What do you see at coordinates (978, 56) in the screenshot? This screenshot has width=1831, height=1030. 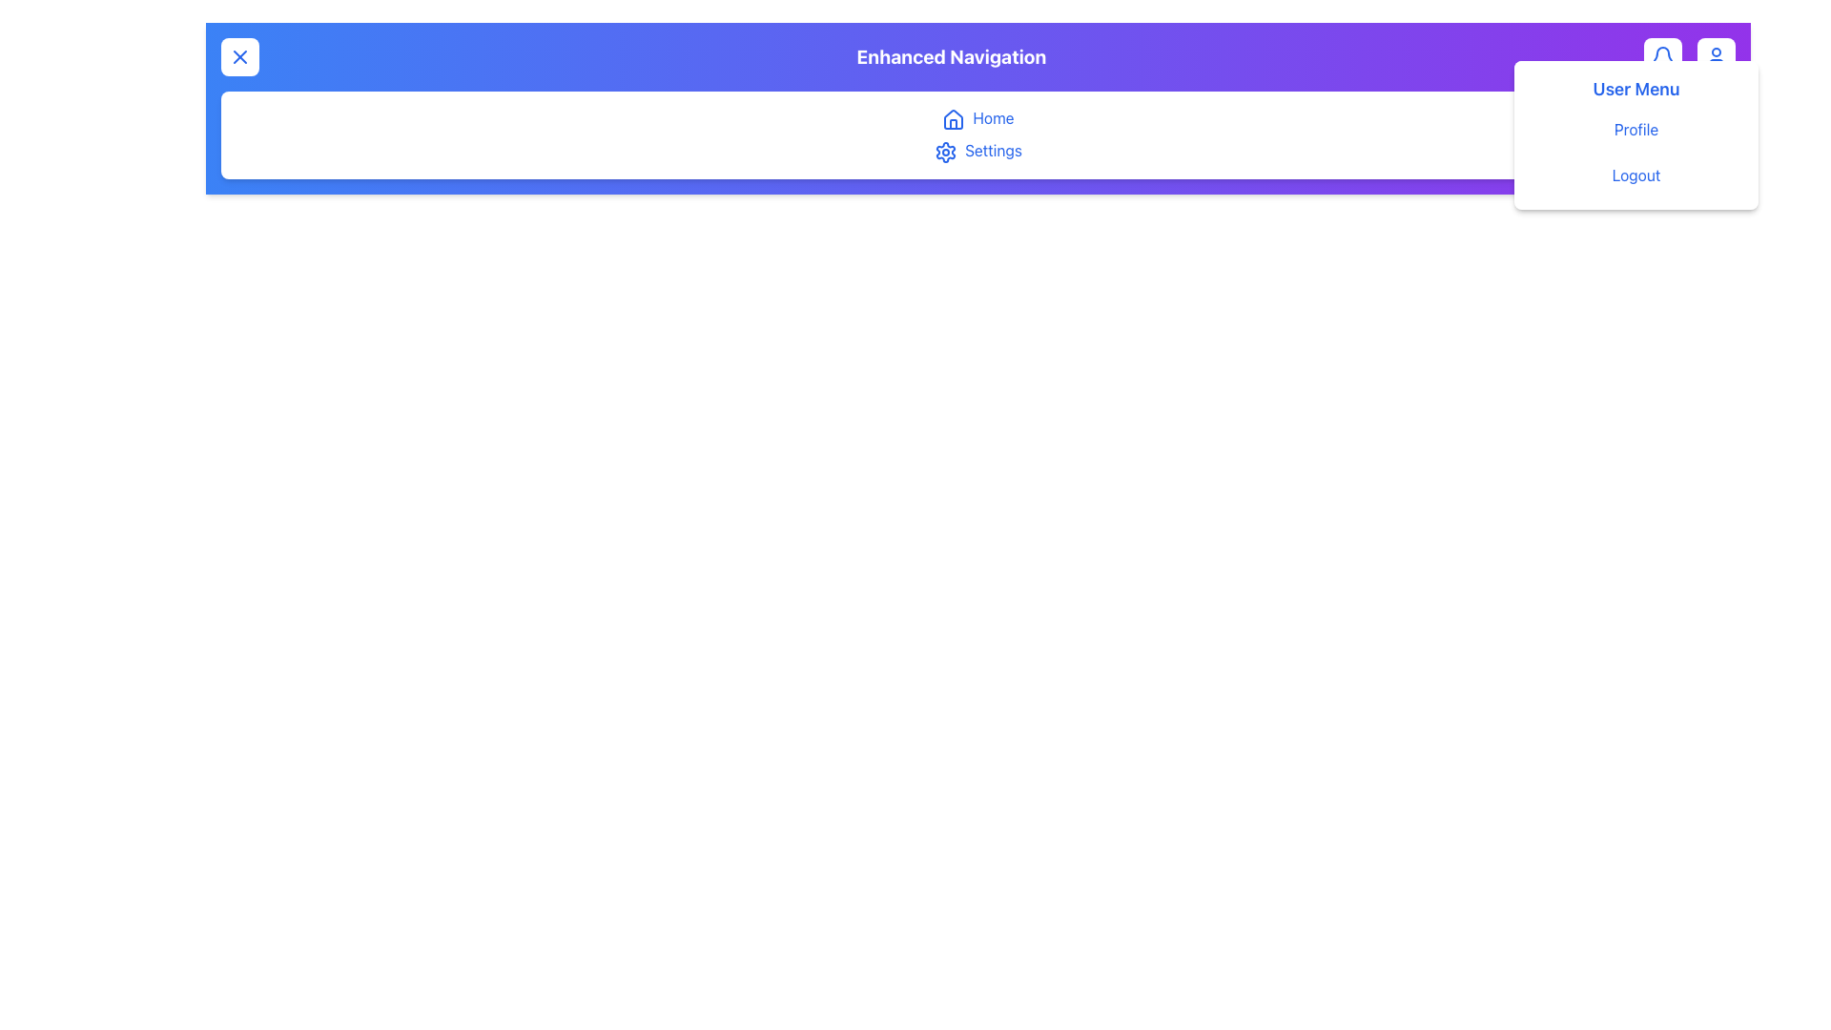 I see `the static text element displaying 'Enhanced Navigation', which is centrally positioned within a gradient background bar transitioning from blue to purple` at bounding box center [978, 56].